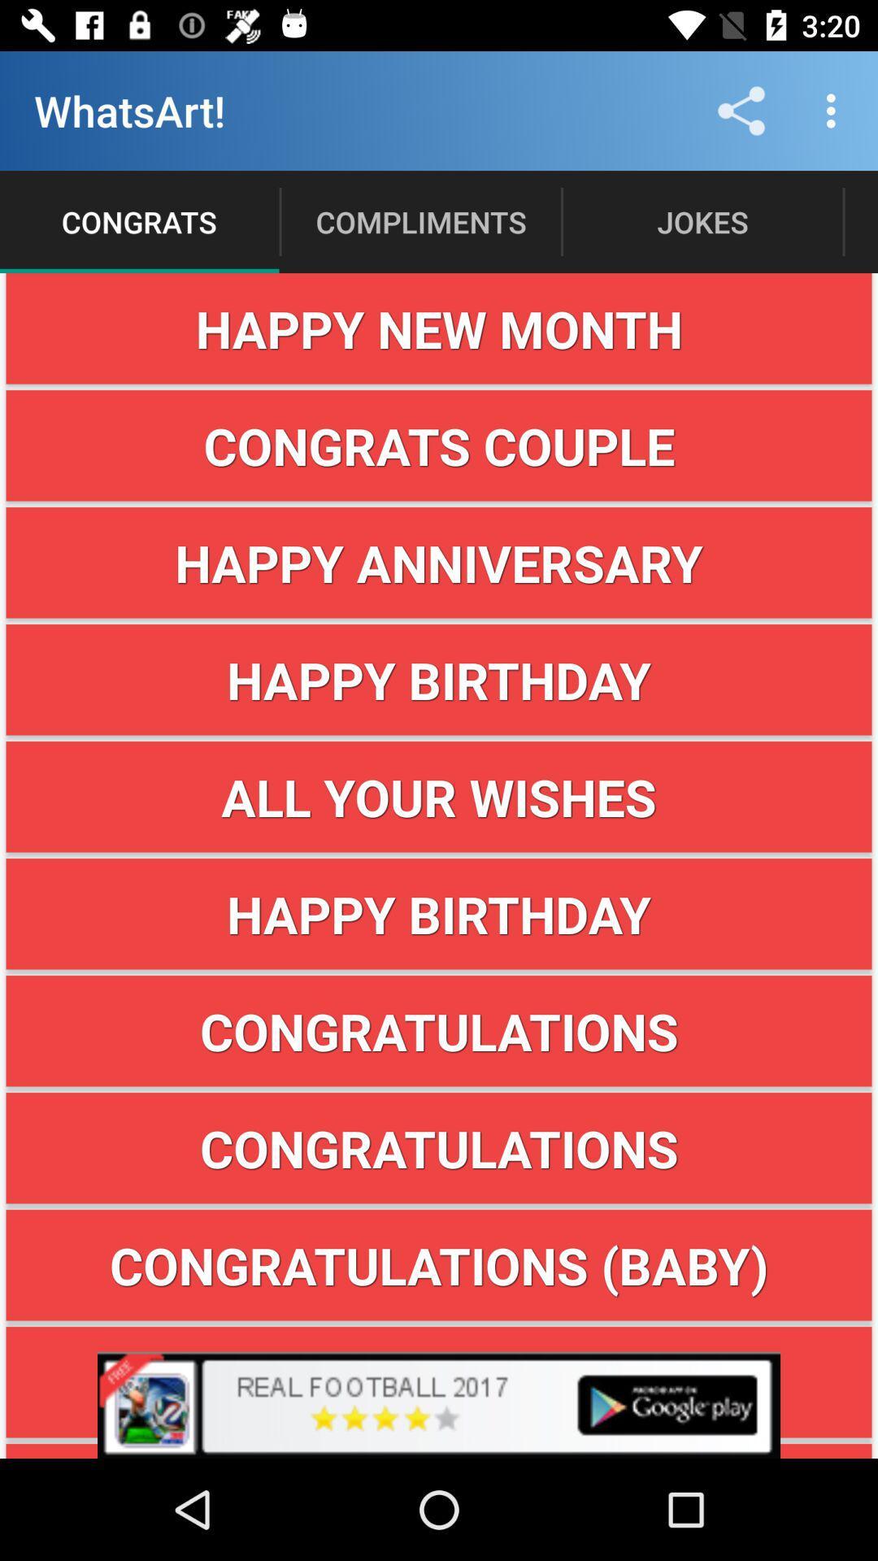 The image size is (878, 1561). I want to click on happy birthday, so click(439, 914).